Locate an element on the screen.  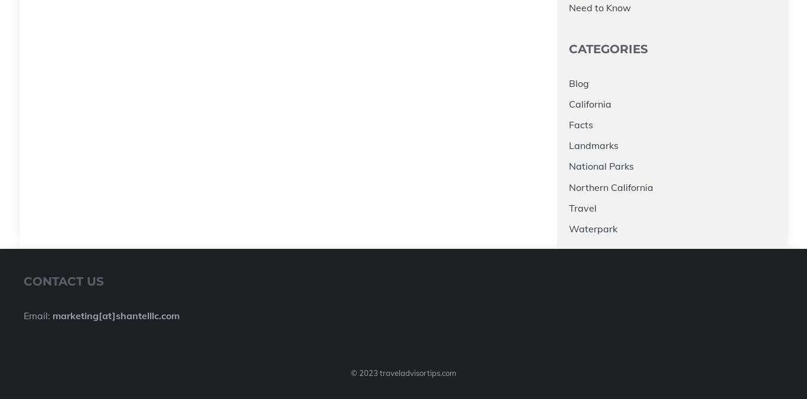
'Facts' is located at coordinates (581, 125).